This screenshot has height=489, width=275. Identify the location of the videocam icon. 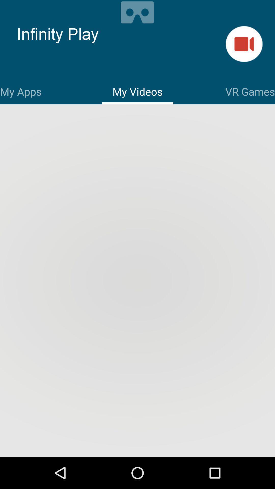
(244, 47).